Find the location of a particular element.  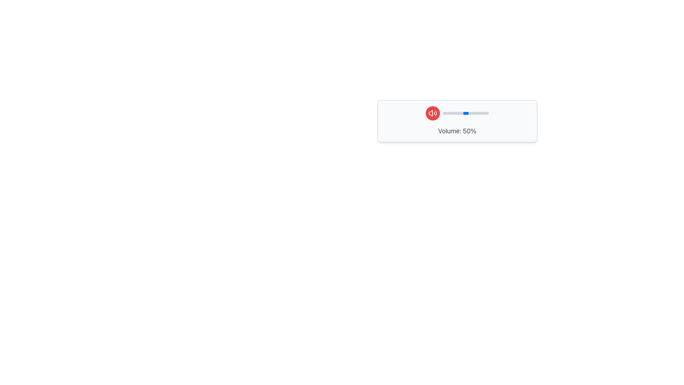

volume is located at coordinates (453, 113).